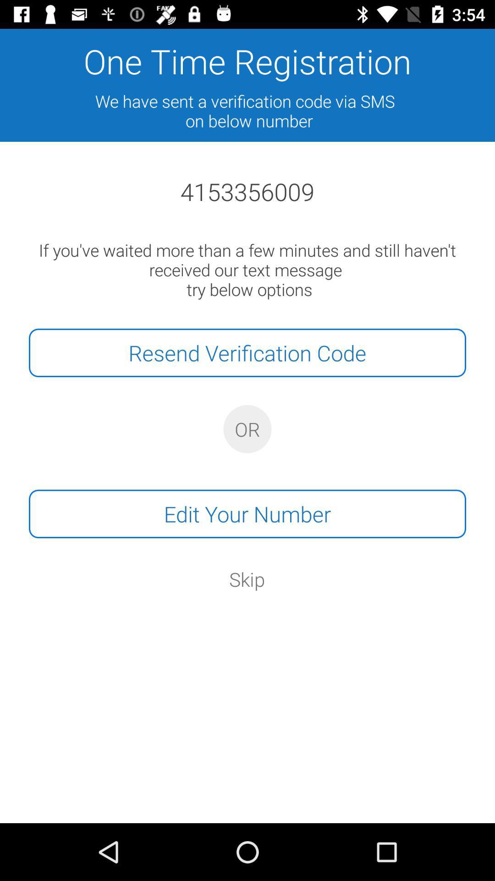 This screenshot has width=495, height=881. Describe the element at coordinates (247, 514) in the screenshot. I see `item above skip item` at that location.